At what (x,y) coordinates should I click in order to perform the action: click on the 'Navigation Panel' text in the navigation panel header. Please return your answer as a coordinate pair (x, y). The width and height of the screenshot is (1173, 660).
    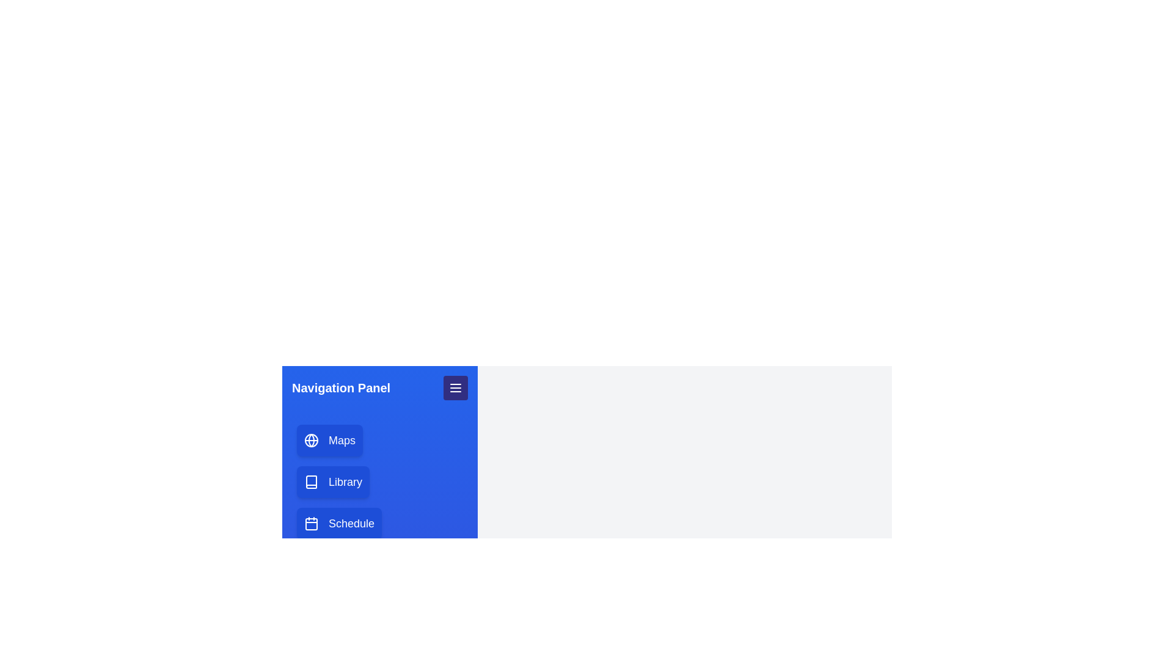
    Looking at the image, I should click on (340, 388).